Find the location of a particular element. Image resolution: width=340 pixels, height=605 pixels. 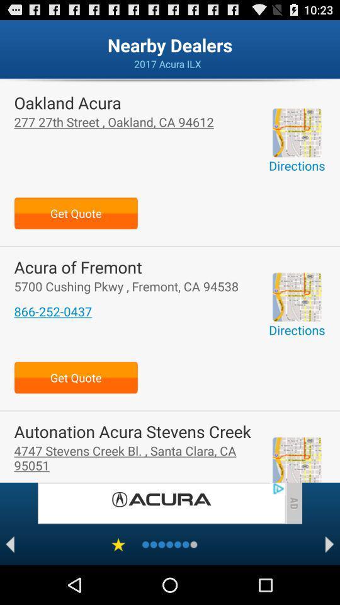

next page is located at coordinates (329, 544).